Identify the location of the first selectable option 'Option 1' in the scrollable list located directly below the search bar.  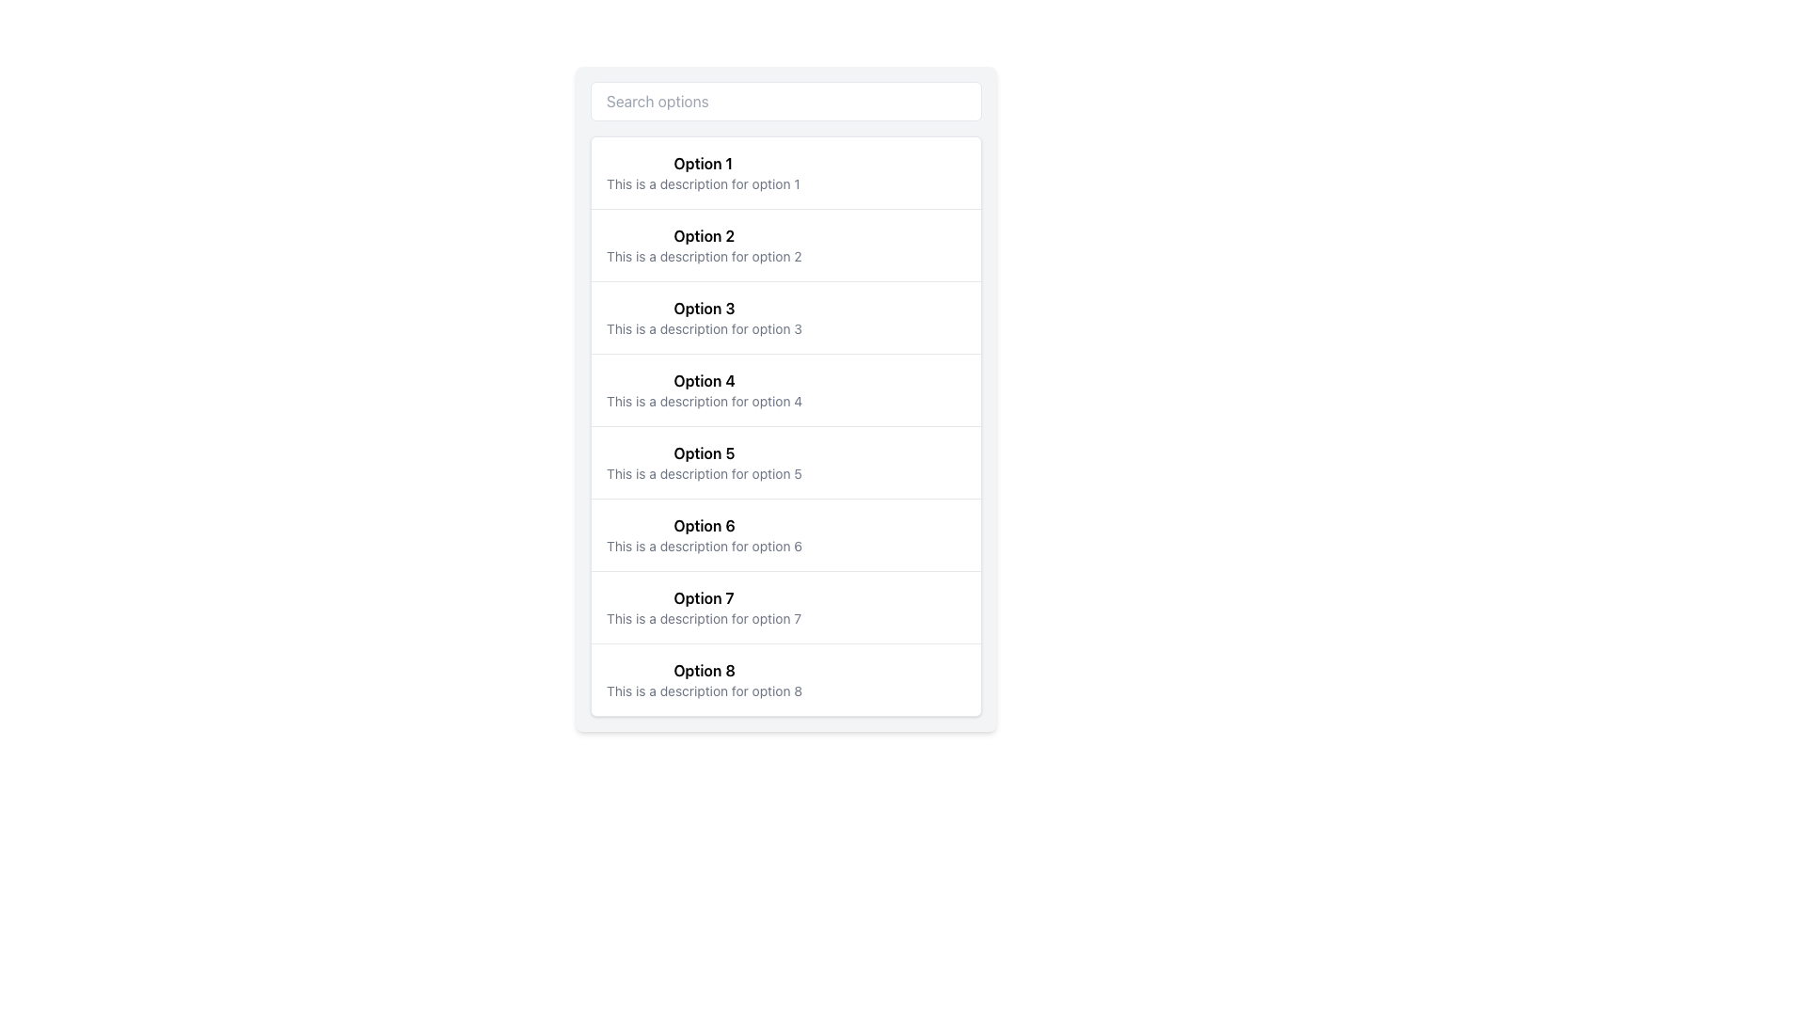
(785, 173).